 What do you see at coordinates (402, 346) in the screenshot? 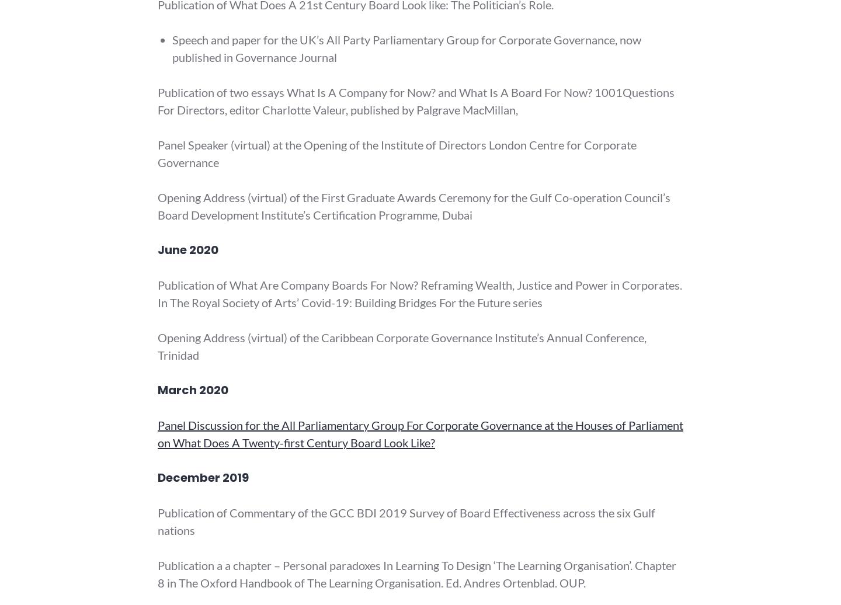
I see `'Opening Address (virtual) of the Caribbean Corporate Governance Institute’s Annual Conference, Trinidad'` at bounding box center [402, 346].